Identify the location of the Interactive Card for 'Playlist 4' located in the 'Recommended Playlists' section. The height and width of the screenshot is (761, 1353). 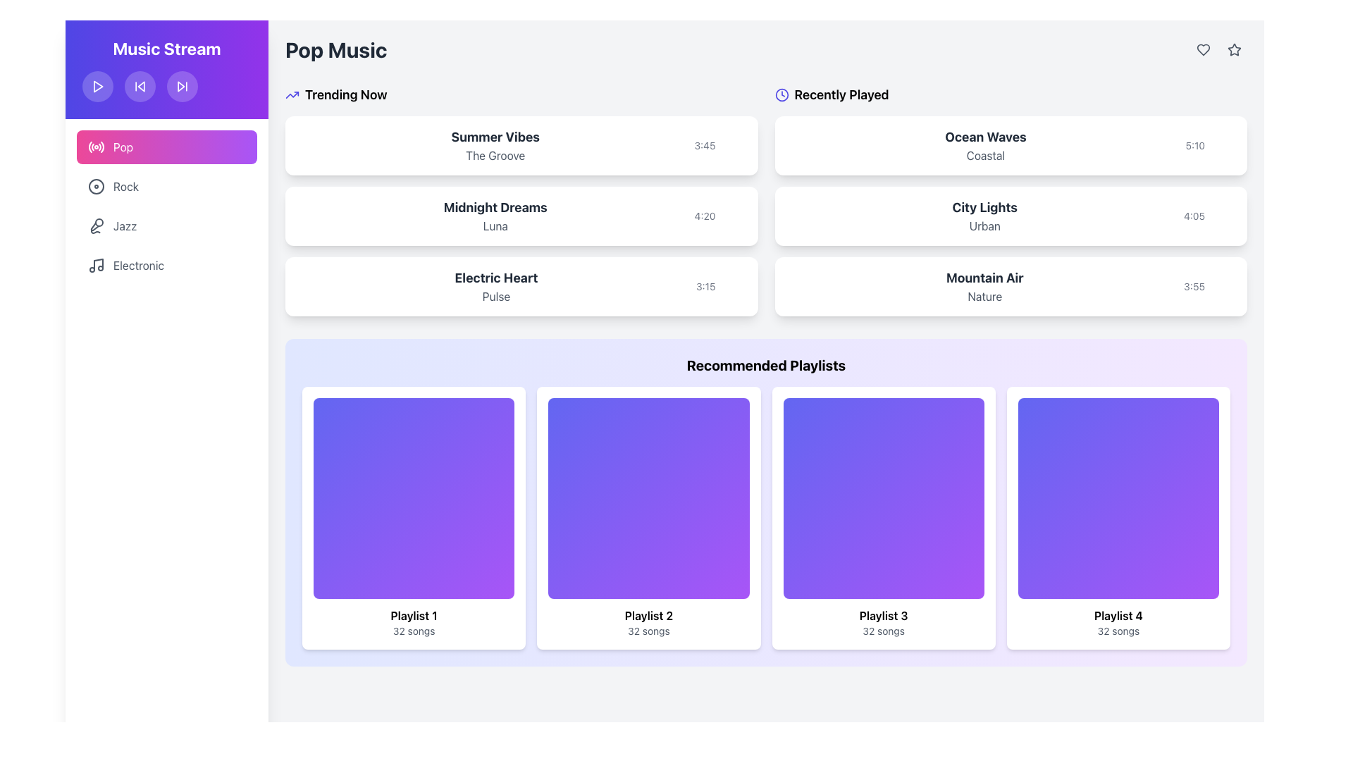
(1118, 518).